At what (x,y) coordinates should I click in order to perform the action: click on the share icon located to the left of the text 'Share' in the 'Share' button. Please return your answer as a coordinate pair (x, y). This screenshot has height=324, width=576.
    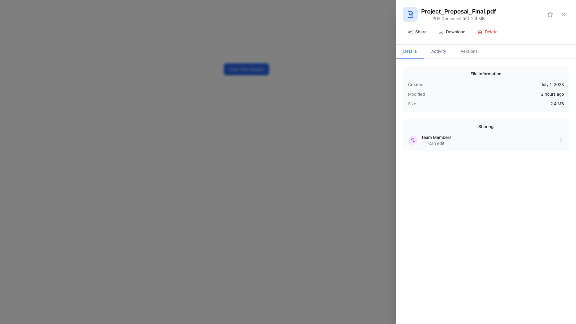
    Looking at the image, I should click on (410, 32).